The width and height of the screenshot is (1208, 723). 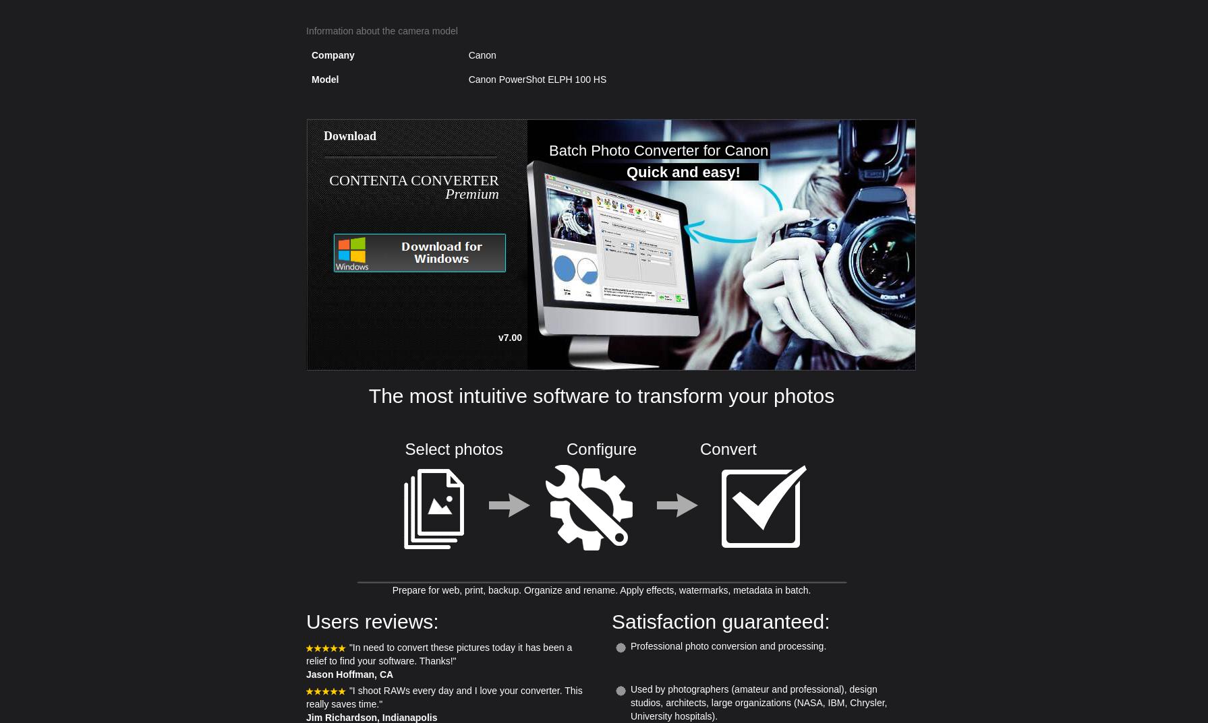 I want to click on 'Canon', so click(x=482, y=55).